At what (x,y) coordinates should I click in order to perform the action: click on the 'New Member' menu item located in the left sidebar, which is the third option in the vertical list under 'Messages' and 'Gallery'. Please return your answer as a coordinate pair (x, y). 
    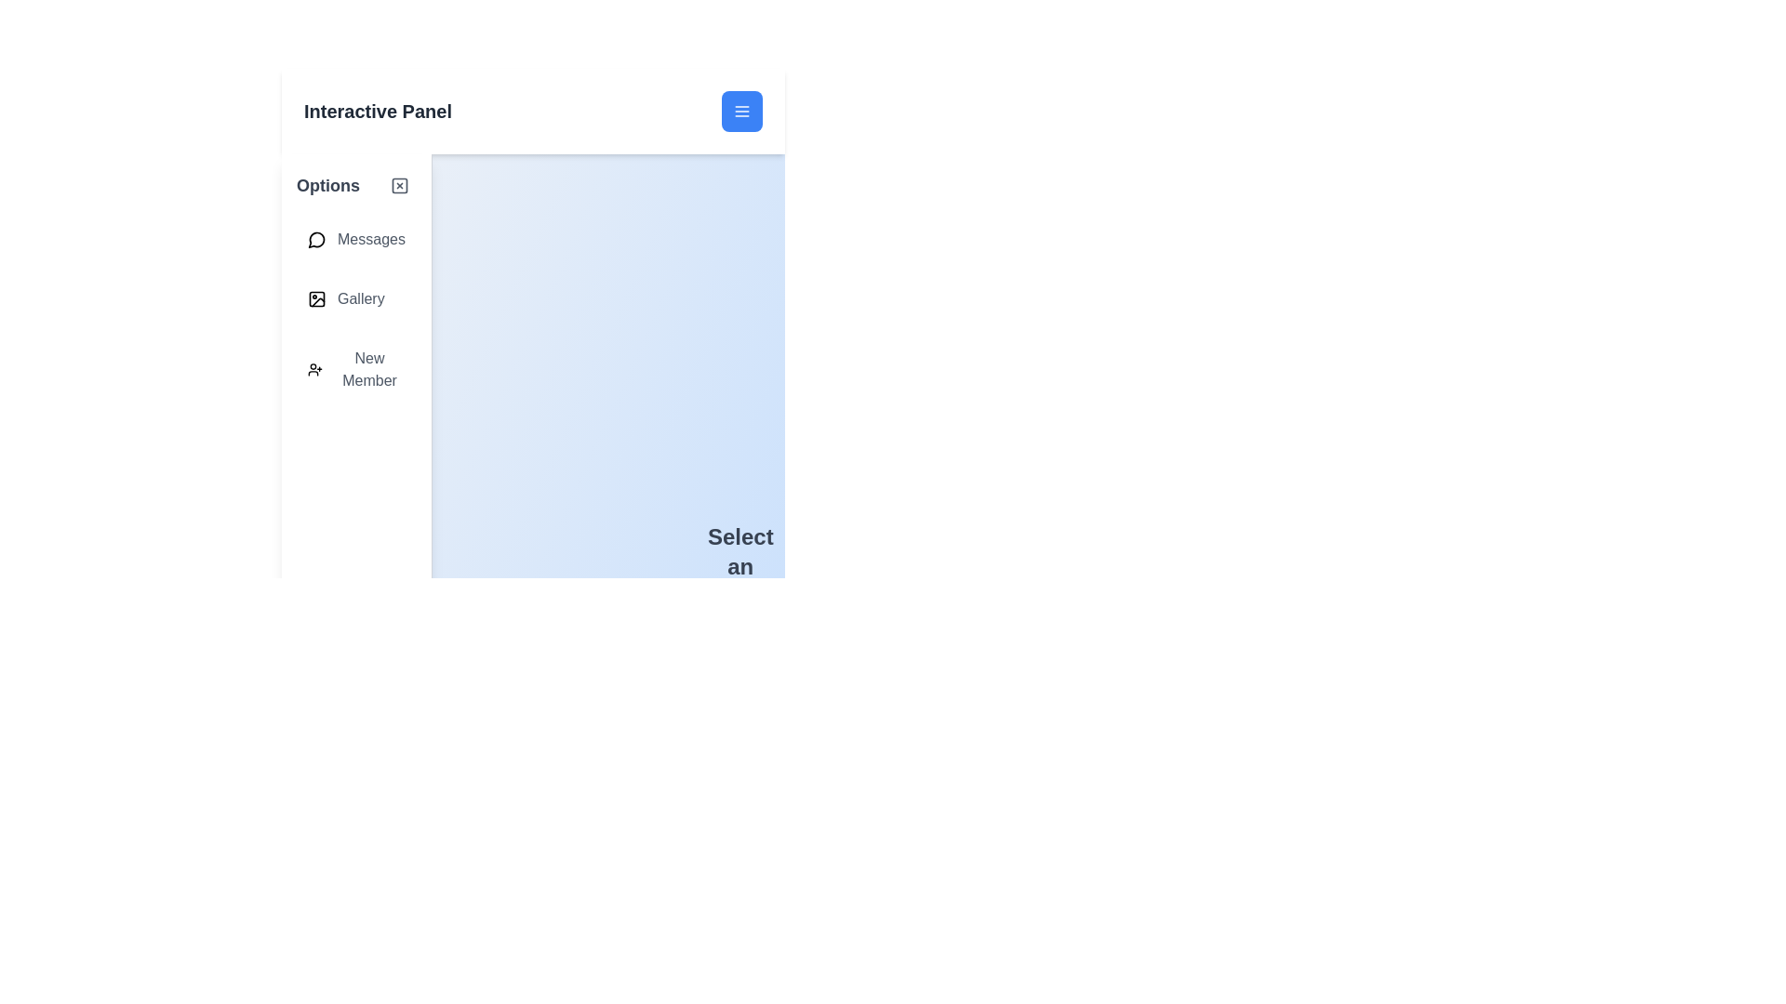
    Looking at the image, I should click on (356, 369).